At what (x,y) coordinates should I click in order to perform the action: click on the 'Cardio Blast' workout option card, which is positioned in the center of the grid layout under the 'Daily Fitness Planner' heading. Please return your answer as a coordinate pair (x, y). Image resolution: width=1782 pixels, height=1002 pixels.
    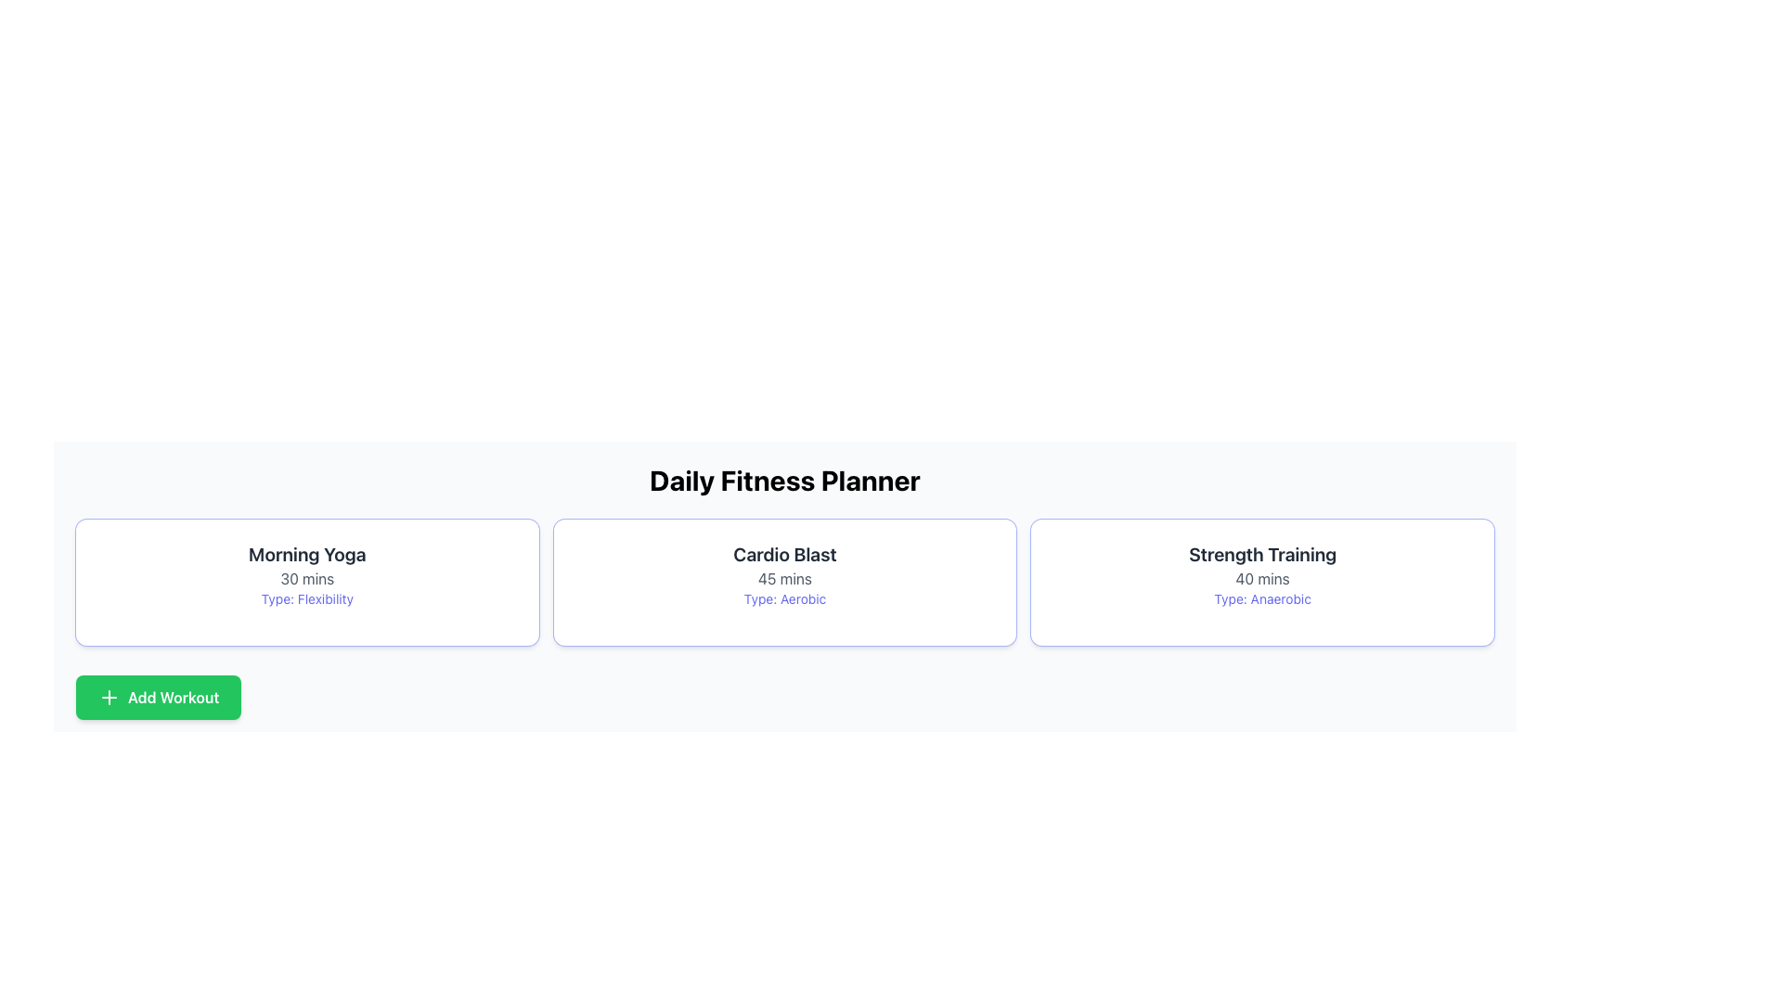
    Looking at the image, I should click on (784, 582).